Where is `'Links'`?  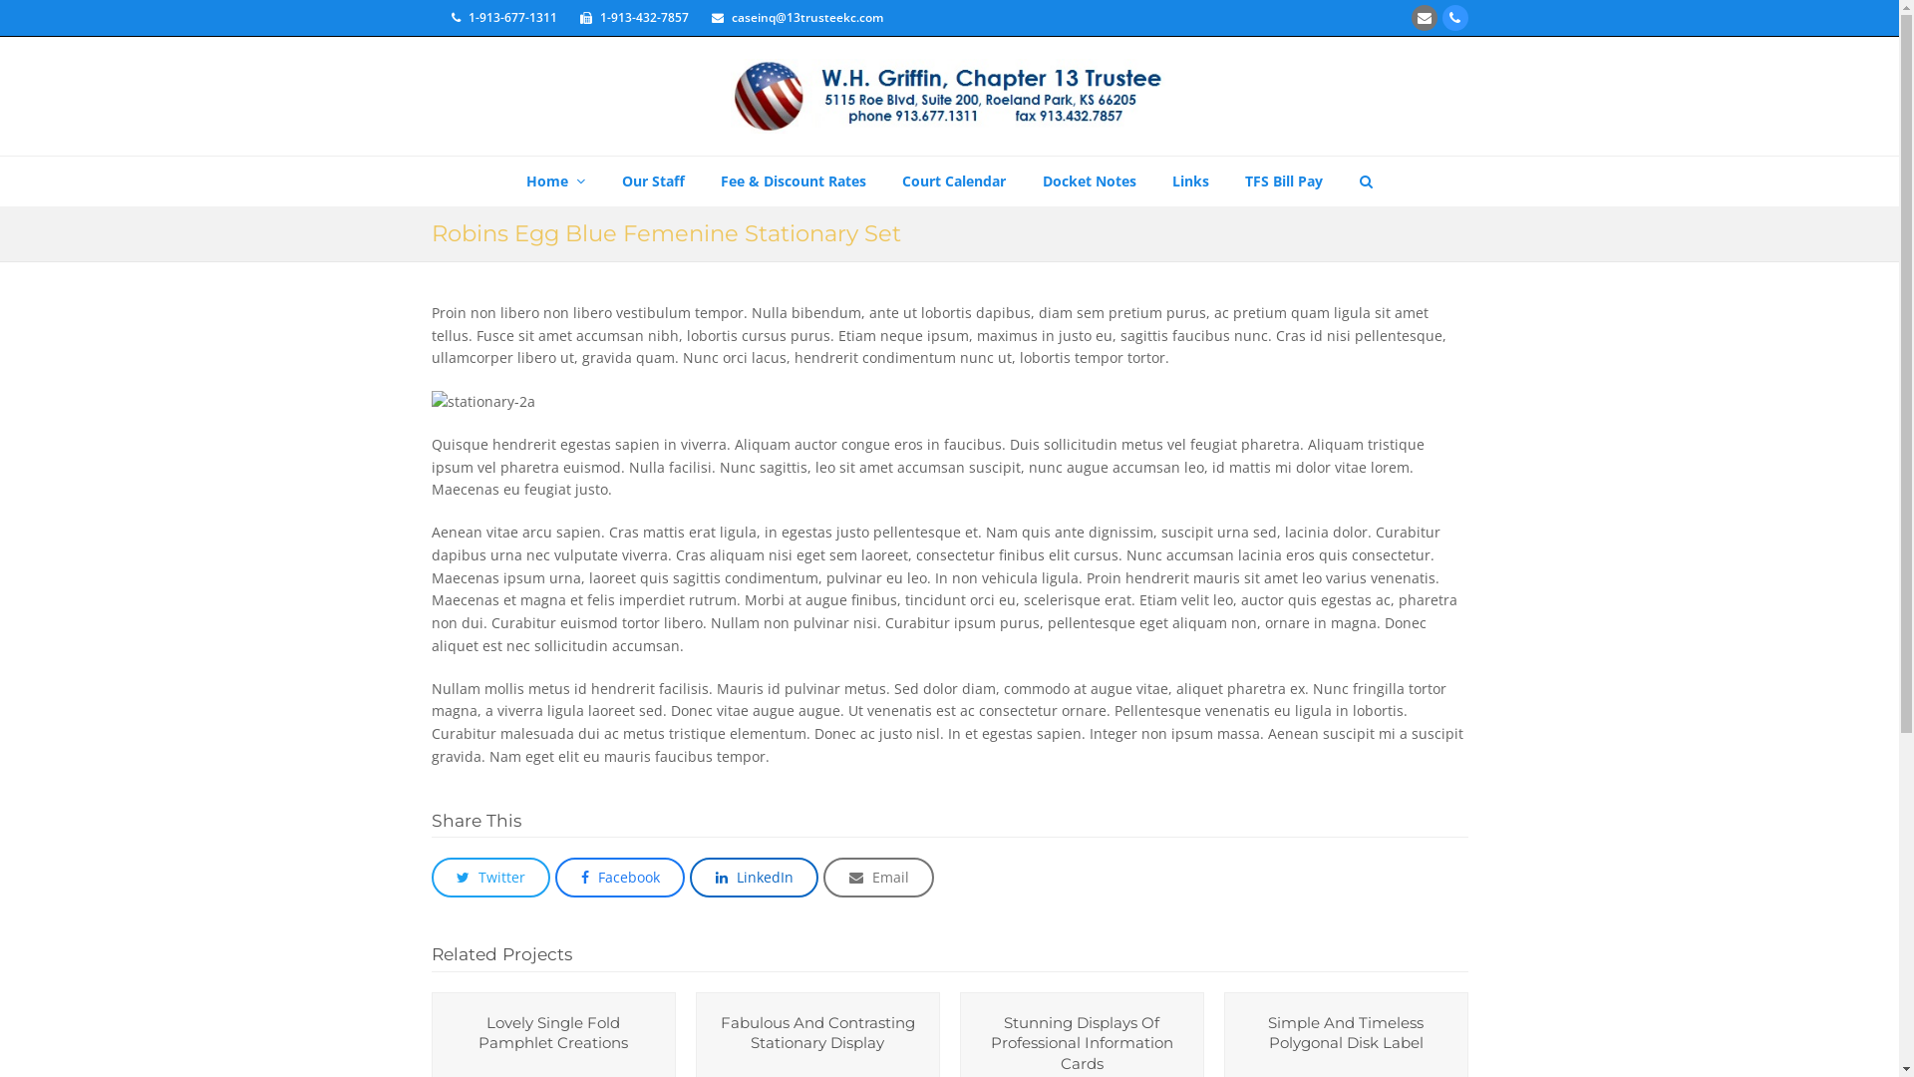
'Links' is located at coordinates (1190, 180).